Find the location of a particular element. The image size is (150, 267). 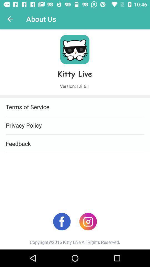

the photo icon is located at coordinates (88, 221).